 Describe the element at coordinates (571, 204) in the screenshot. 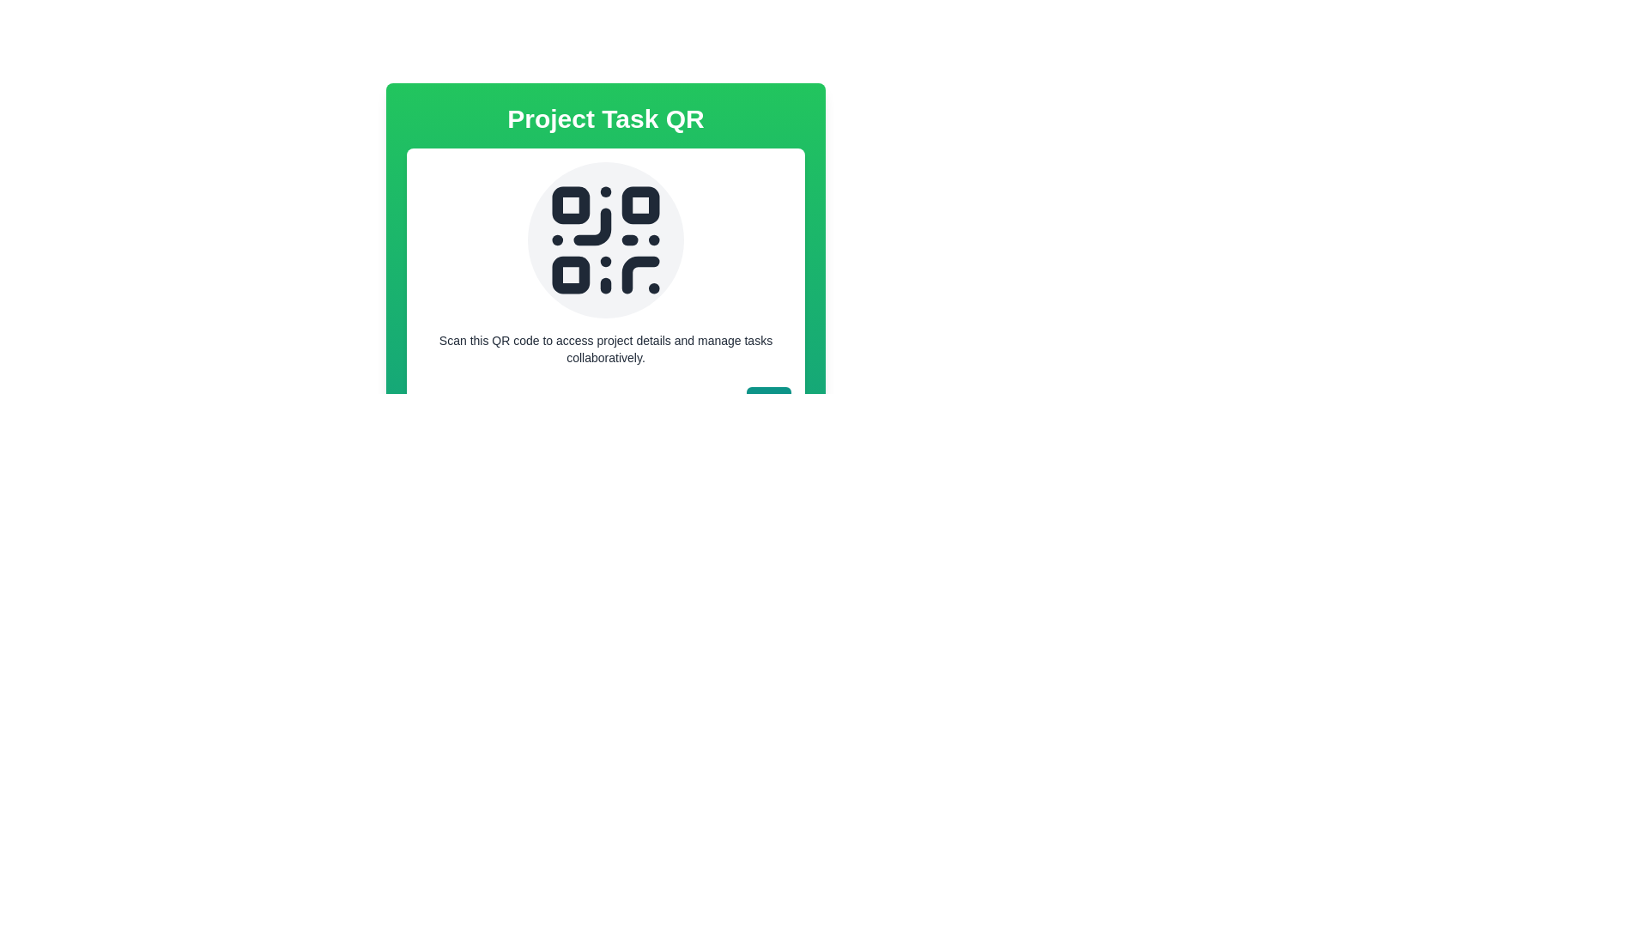

I see `the small square with rounded corners located at the top-left corner of the QR code-like graphic` at that location.